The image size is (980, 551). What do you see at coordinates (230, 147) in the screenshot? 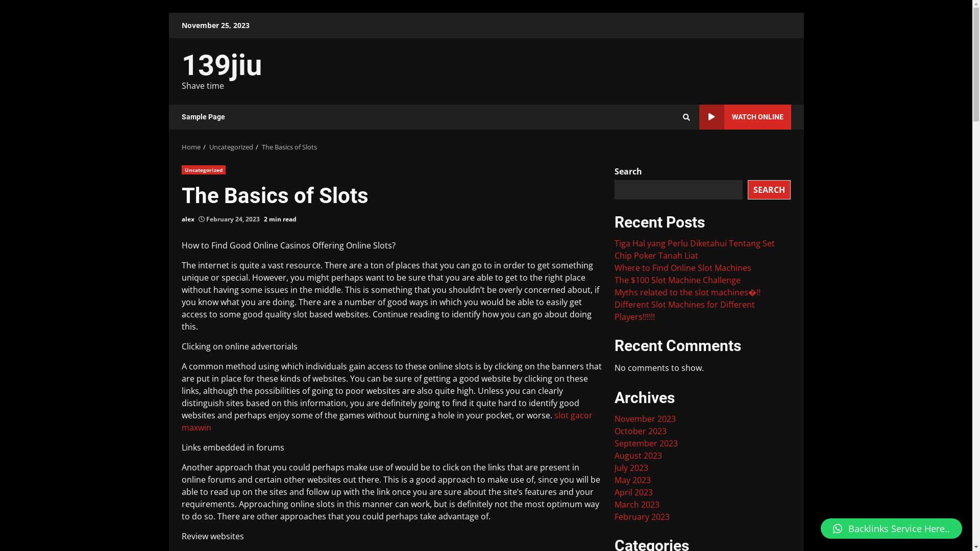
I see `'Uncategorized'` at bounding box center [230, 147].